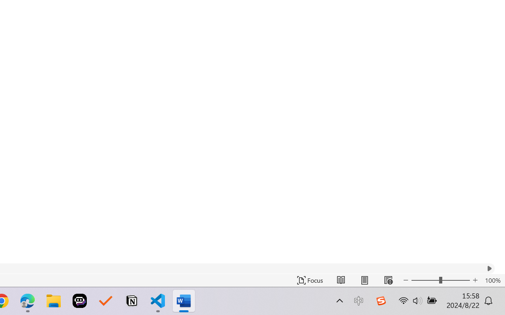 Image resolution: width=505 pixels, height=315 pixels. What do you see at coordinates (475, 280) in the screenshot?
I see `'Zoom In'` at bounding box center [475, 280].